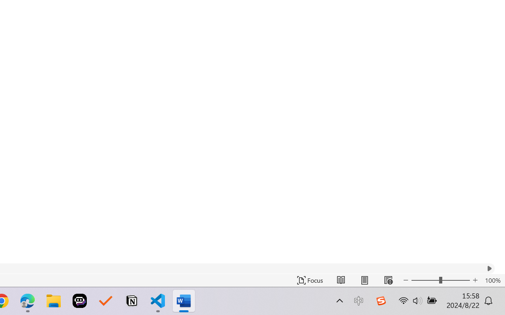 Image resolution: width=505 pixels, height=315 pixels. What do you see at coordinates (475, 280) in the screenshot?
I see `'Zoom In'` at bounding box center [475, 280].